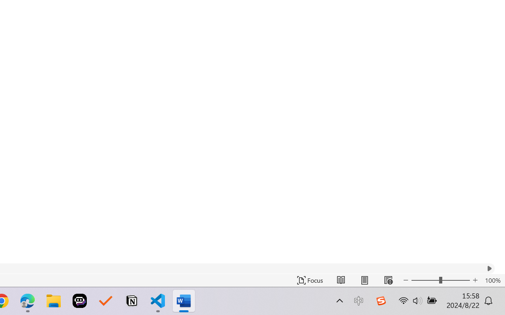 Image resolution: width=505 pixels, height=315 pixels. What do you see at coordinates (475, 280) in the screenshot?
I see `'Zoom In'` at bounding box center [475, 280].